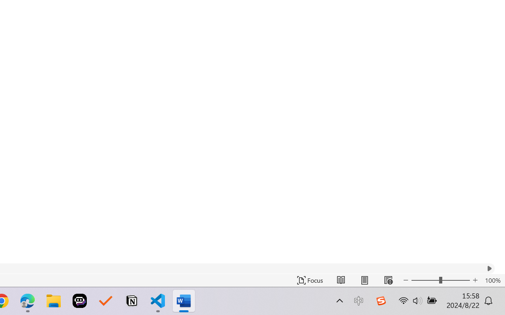 Image resolution: width=505 pixels, height=315 pixels. What do you see at coordinates (475, 280) in the screenshot?
I see `'Zoom In'` at bounding box center [475, 280].